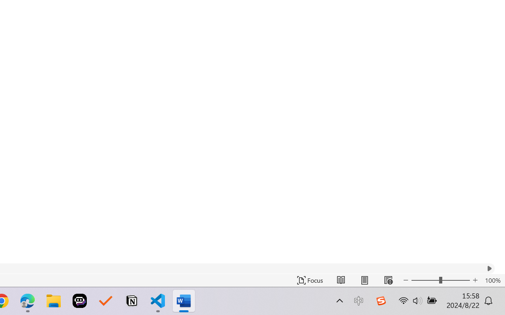 Image resolution: width=505 pixels, height=315 pixels. What do you see at coordinates (475, 280) in the screenshot?
I see `'Zoom In'` at bounding box center [475, 280].